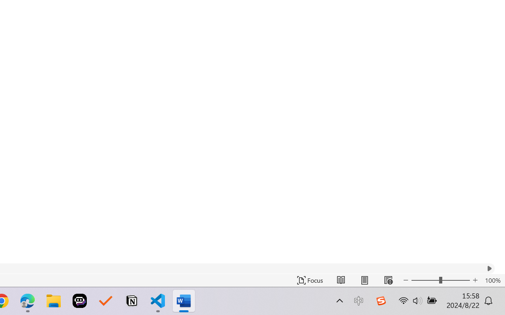 Image resolution: width=505 pixels, height=315 pixels. What do you see at coordinates (475, 280) in the screenshot?
I see `'Zoom In'` at bounding box center [475, 280].